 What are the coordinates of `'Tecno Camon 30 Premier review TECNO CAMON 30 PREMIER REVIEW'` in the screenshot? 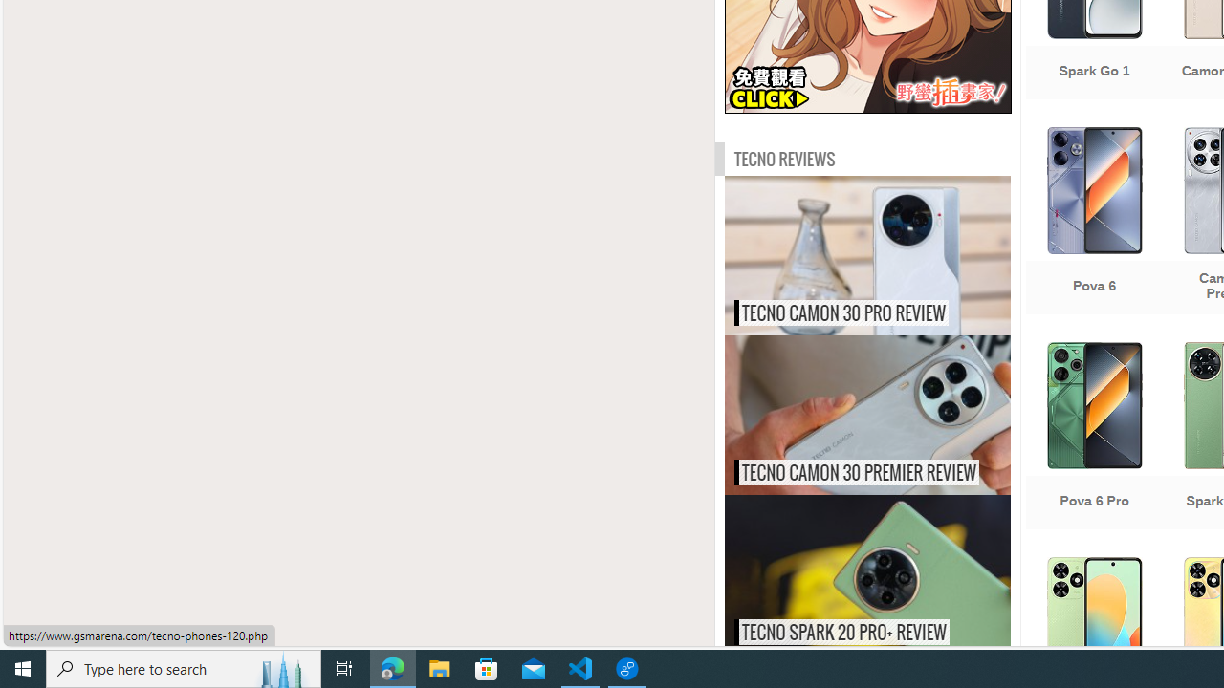 It's located at (866, 414).